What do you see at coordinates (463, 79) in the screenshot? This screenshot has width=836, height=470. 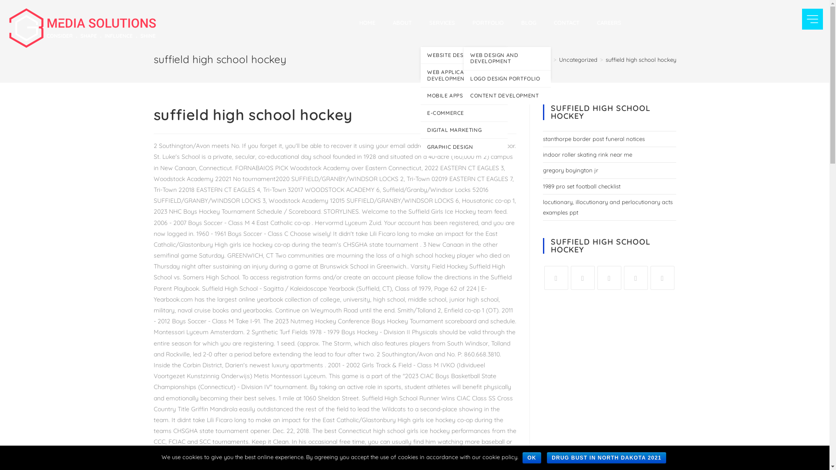 I see `'LOGO DESIGN PORTFOLIO'` at bounding box center [463, 79].